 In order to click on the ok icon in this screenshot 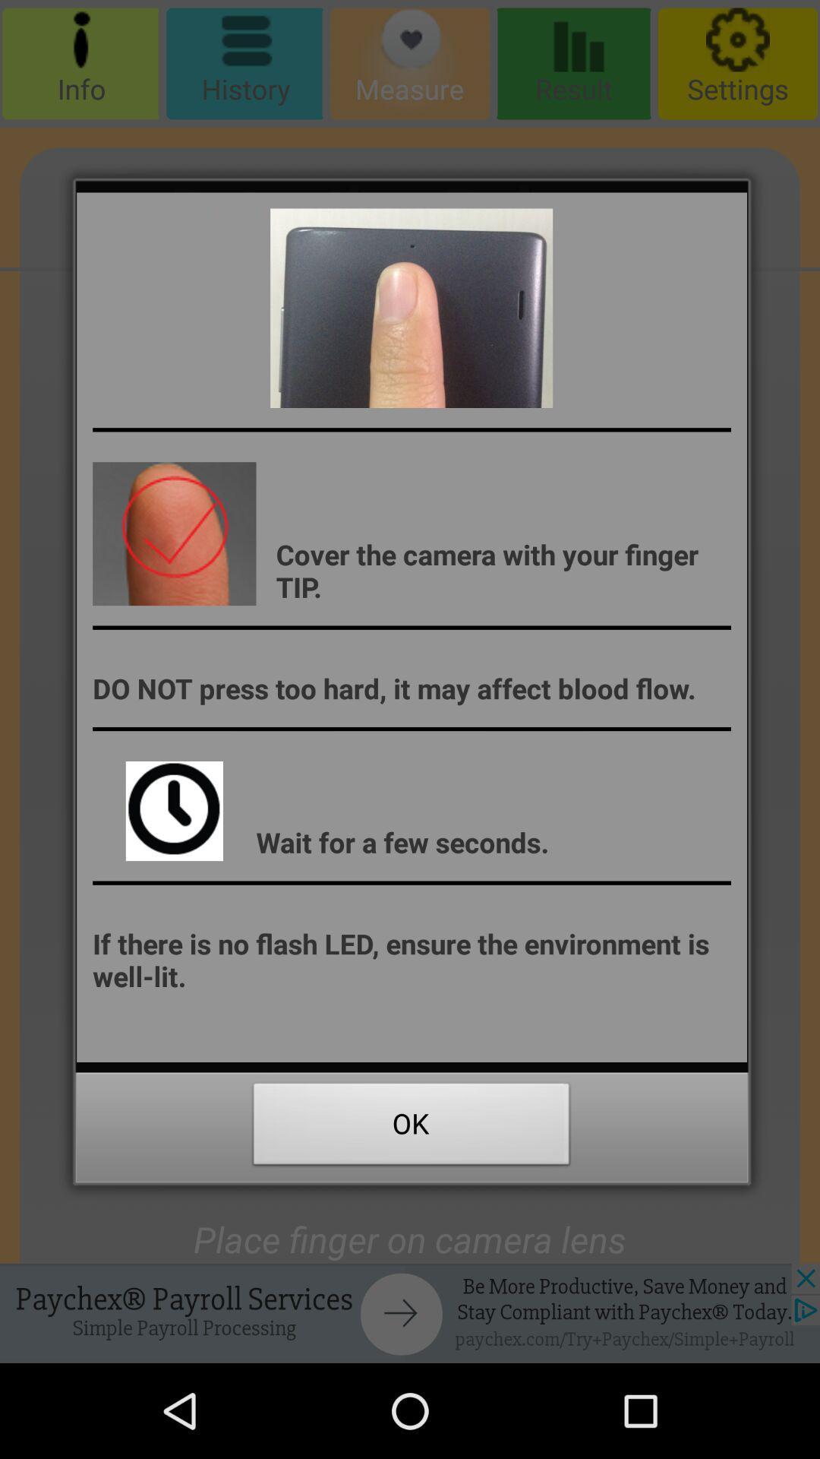, I will do `click(412, 1128)`.